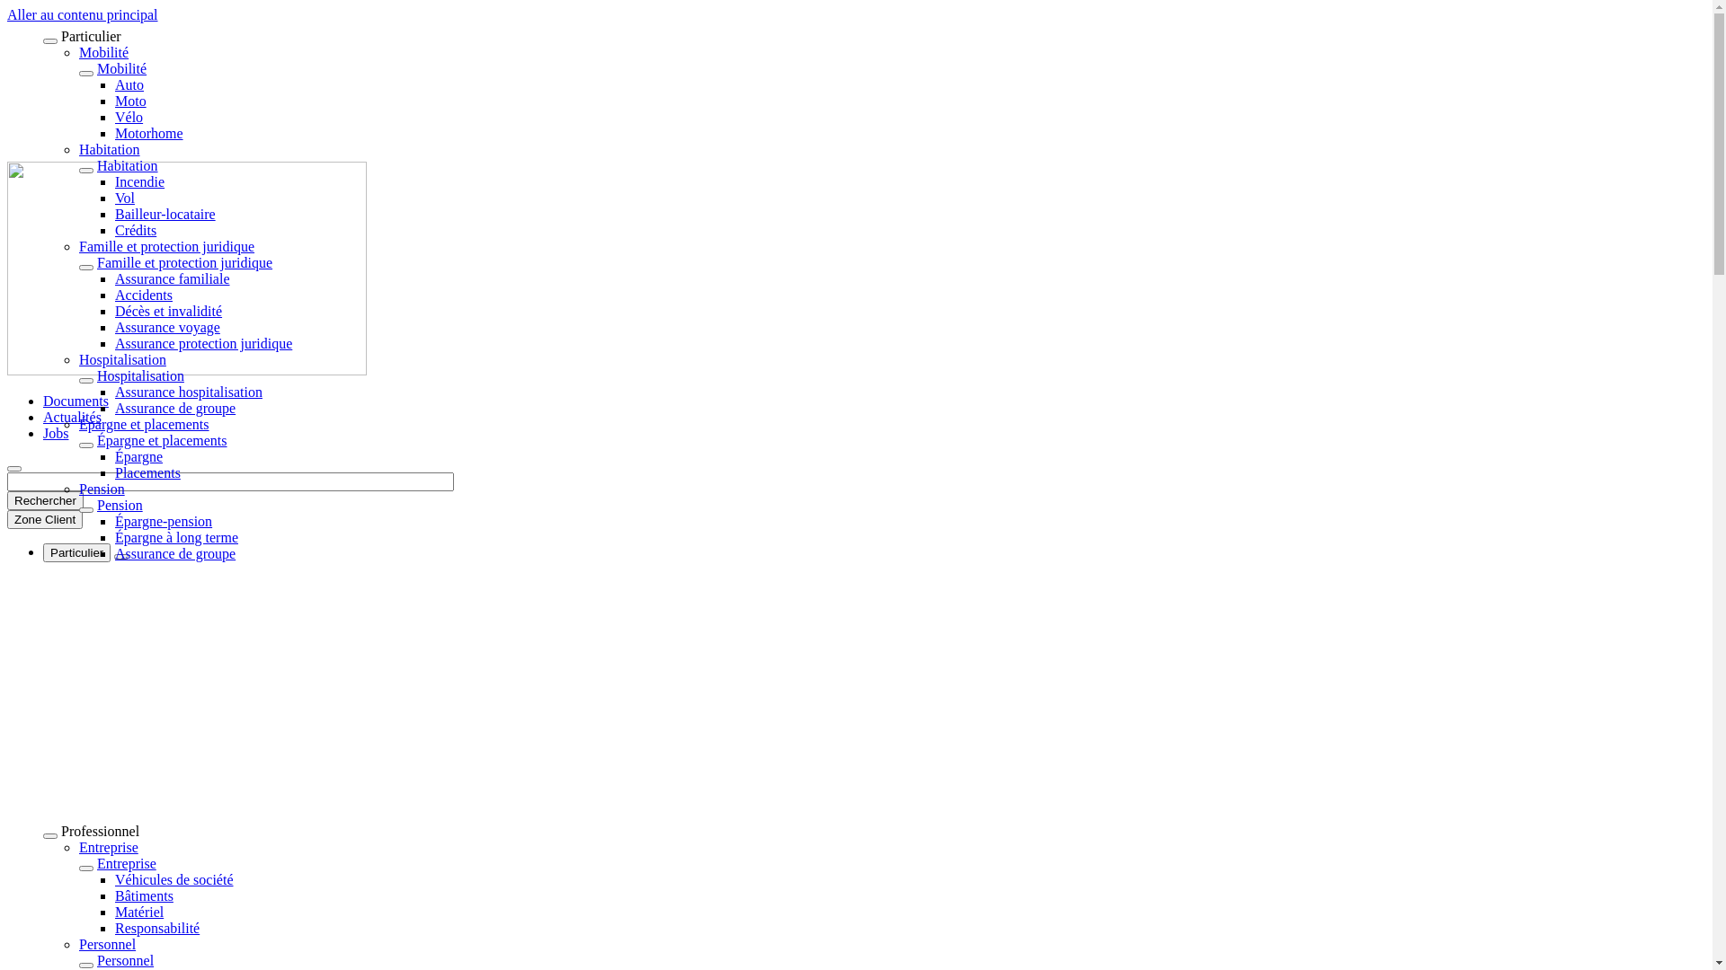  What do you see at coordinates (45, 500) in the screenshot?
I see `'Rechercher'` at bounding box center [45, 500].